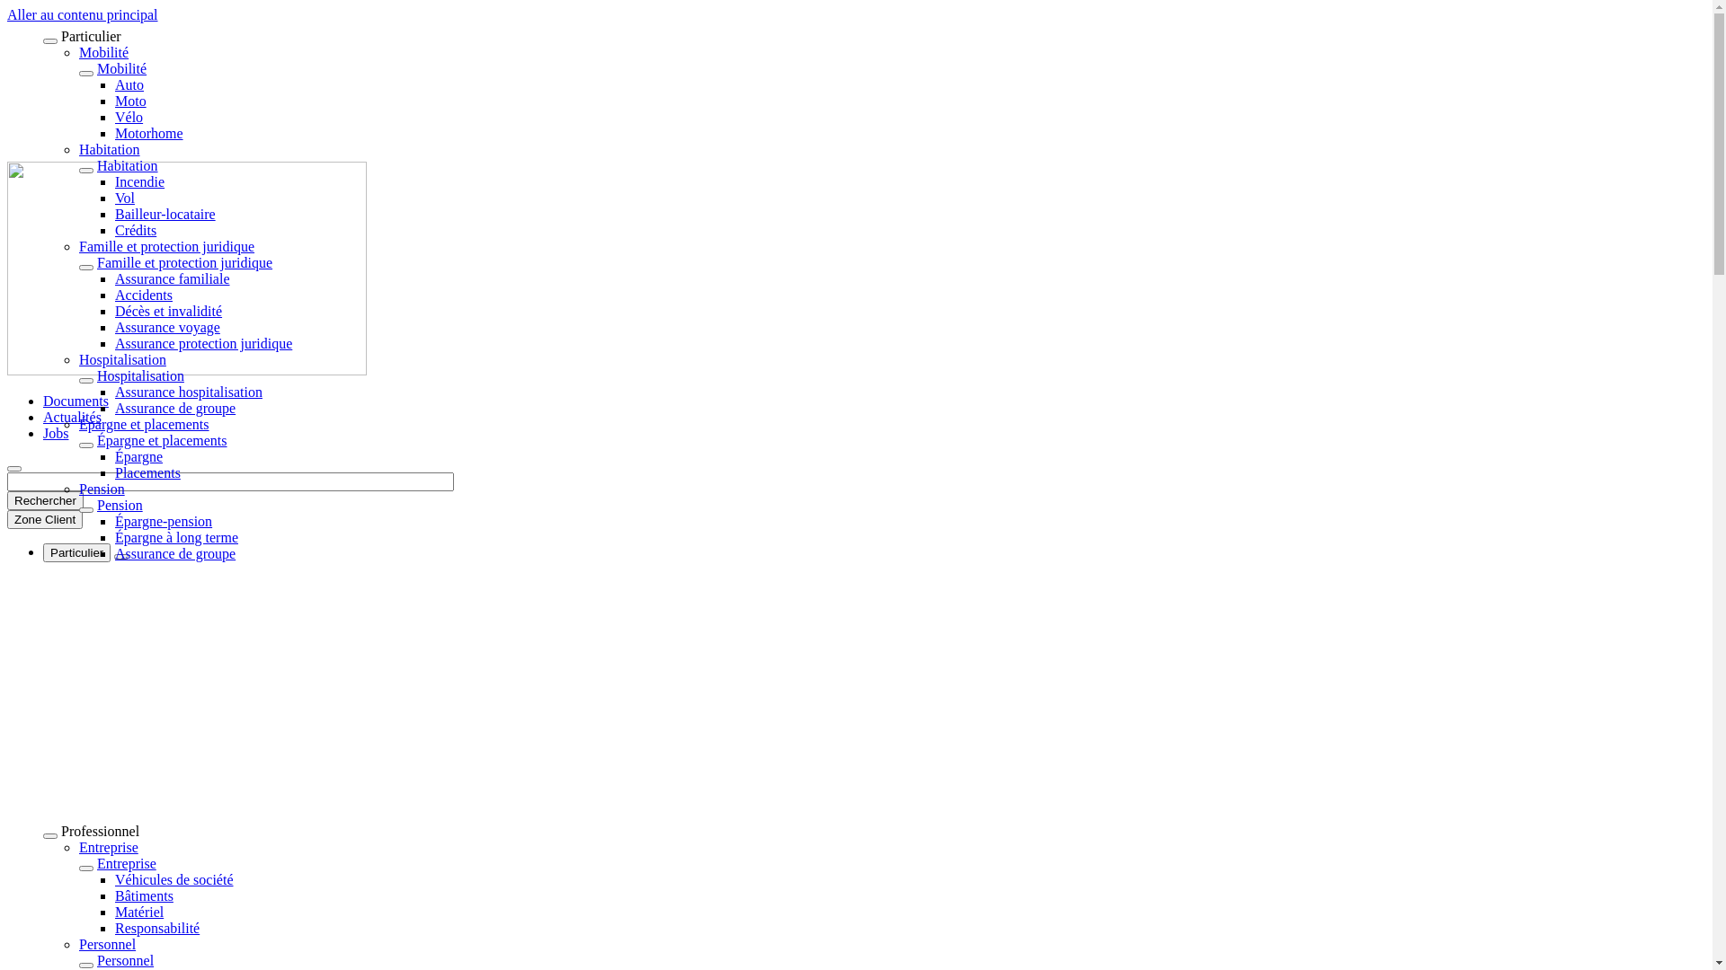  What do you see at coordinates (45, 500) in the screenshot?
I see `'Rechercher'` at bounding box center [45, 500].